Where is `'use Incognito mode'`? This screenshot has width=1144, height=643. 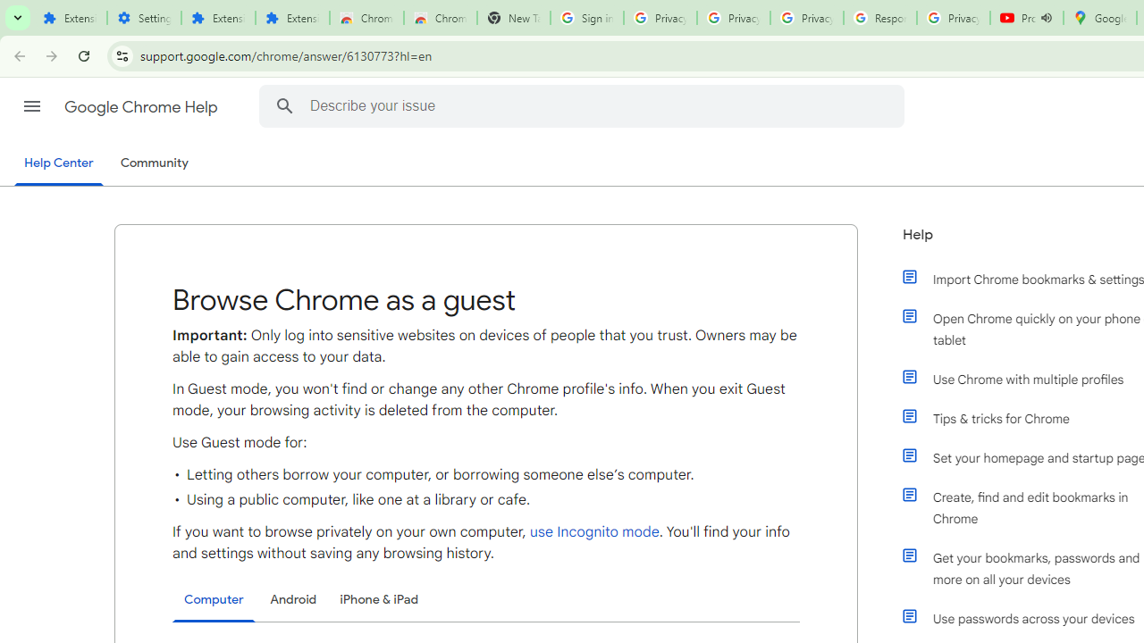 'use Incognito mode' is located at coordinates (593, 531).